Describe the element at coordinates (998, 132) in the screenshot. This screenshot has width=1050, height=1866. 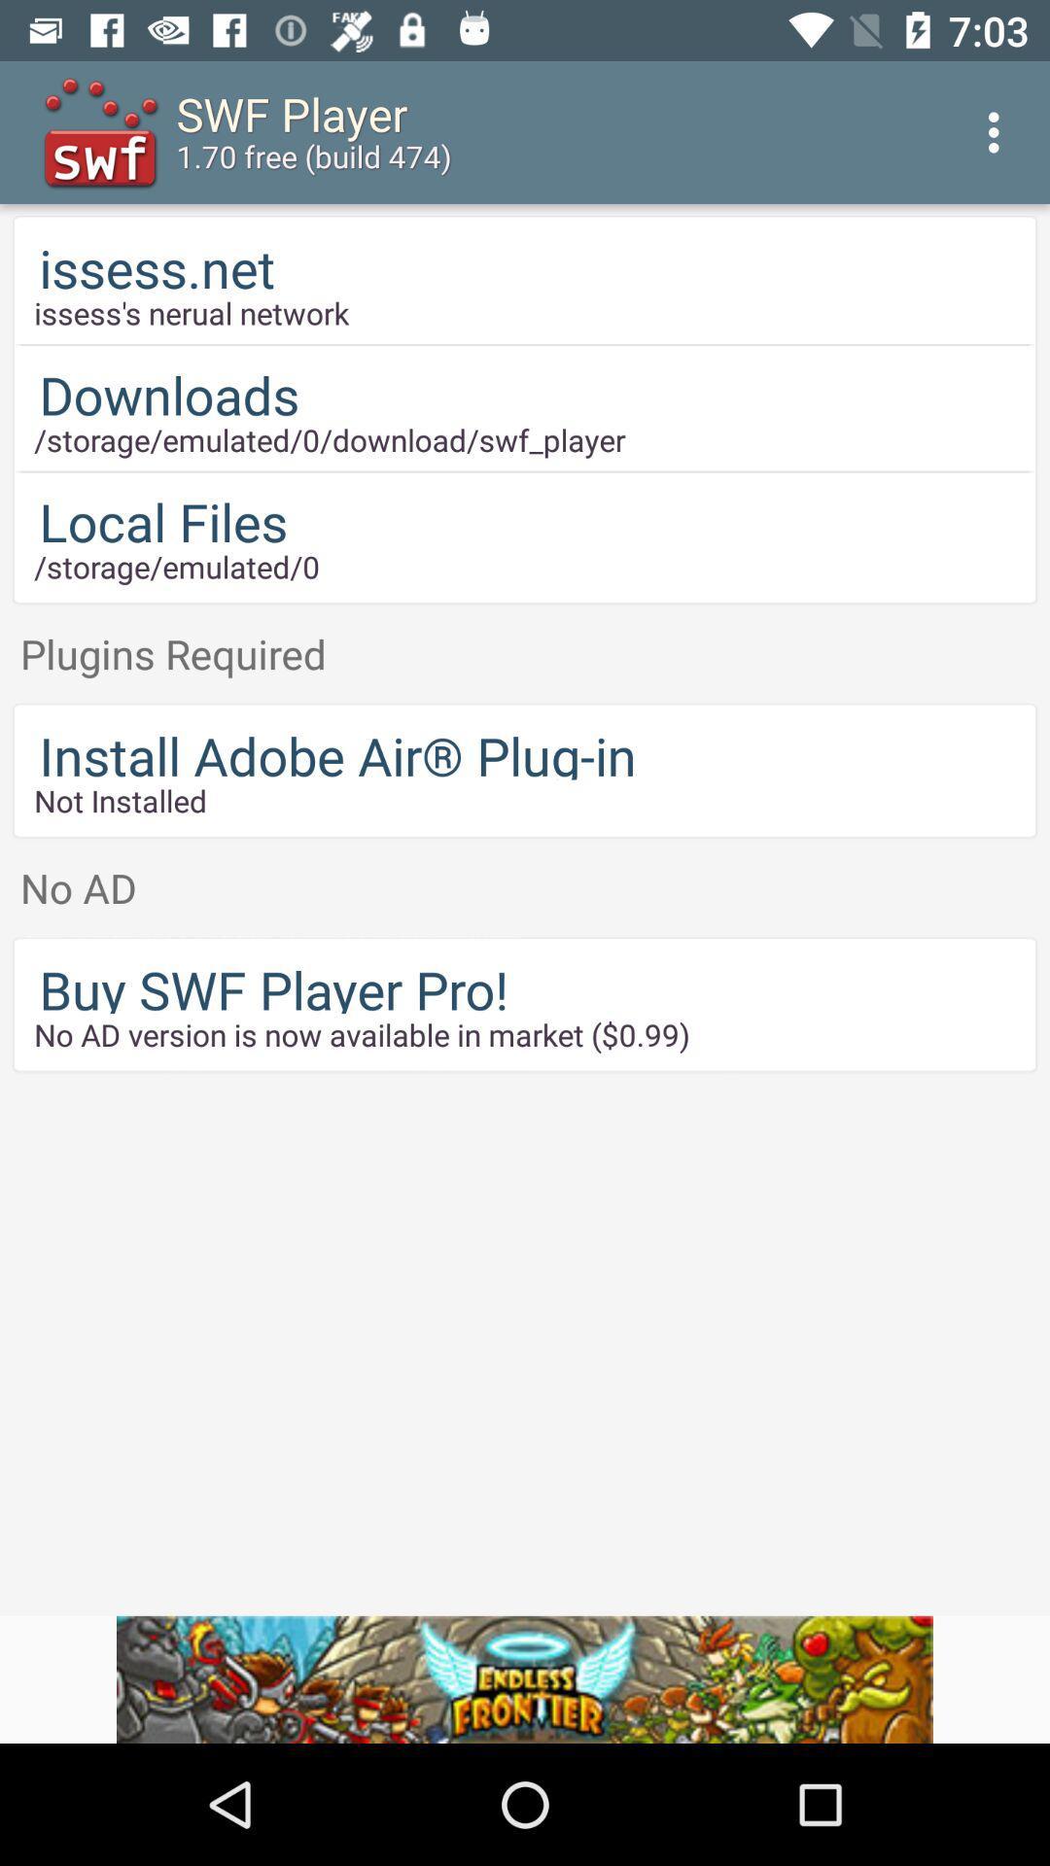
I see `the dots icon which is beside swf player` at that location.